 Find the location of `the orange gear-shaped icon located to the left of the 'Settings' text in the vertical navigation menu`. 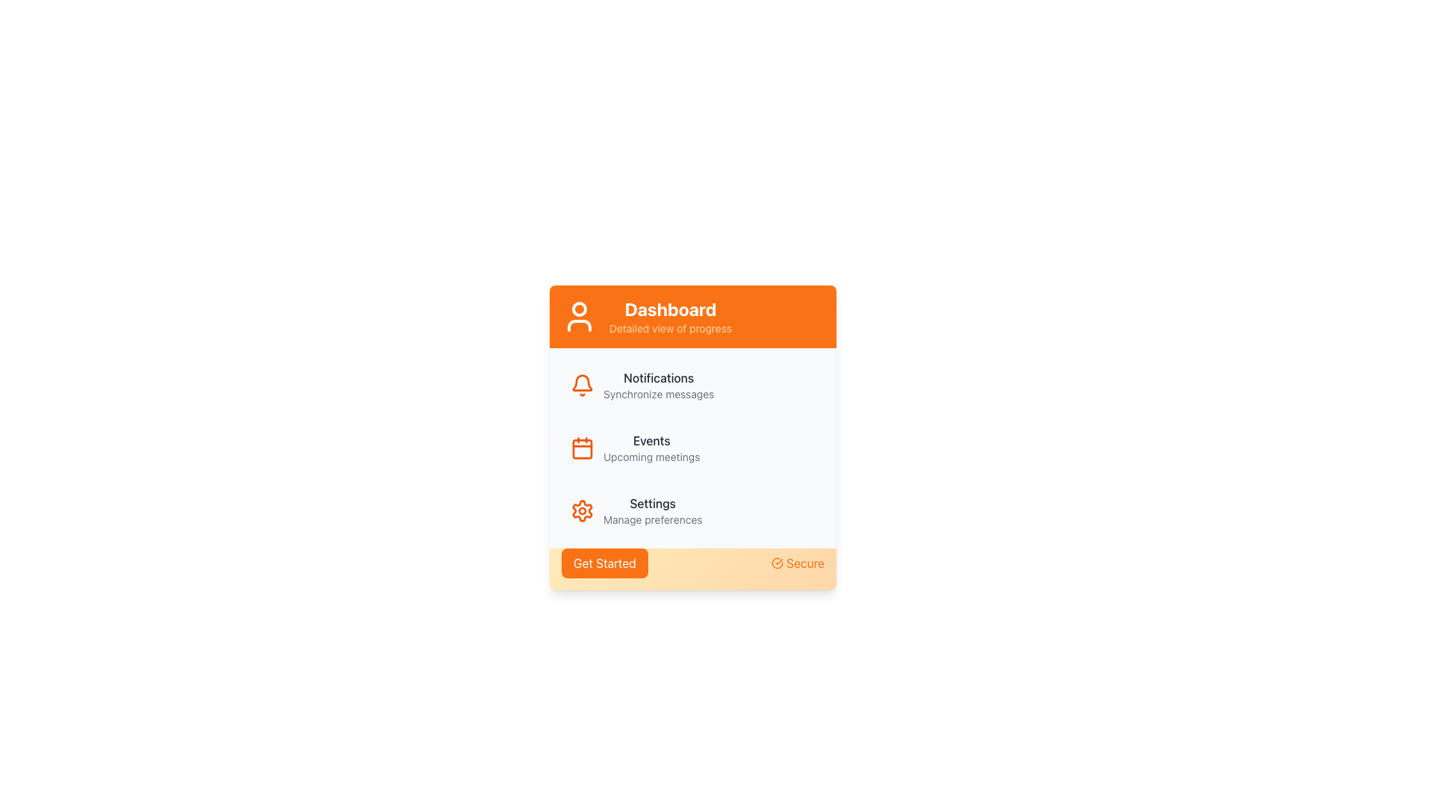

the orange gear-shaped icon located to the left of the 'Settings' text in the vertical navigation menu is located at coordinates (581, 510).